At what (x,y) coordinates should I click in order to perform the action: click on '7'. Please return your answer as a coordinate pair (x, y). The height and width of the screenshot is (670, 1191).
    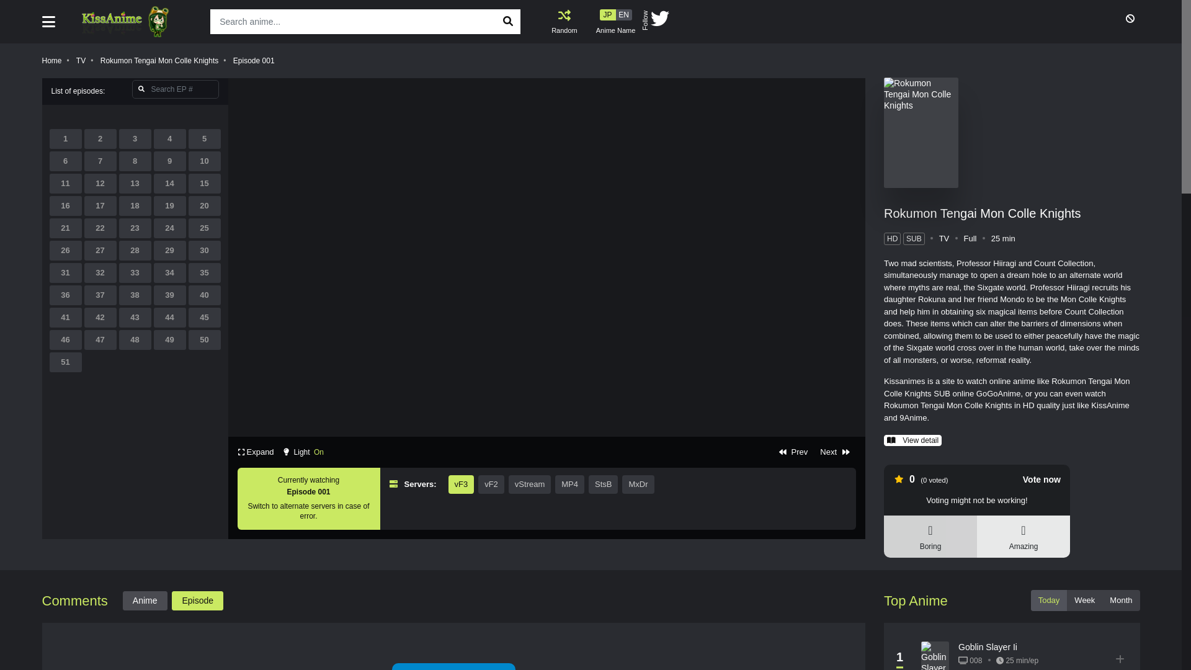
    Looking at the image, I should click on (83, 160).